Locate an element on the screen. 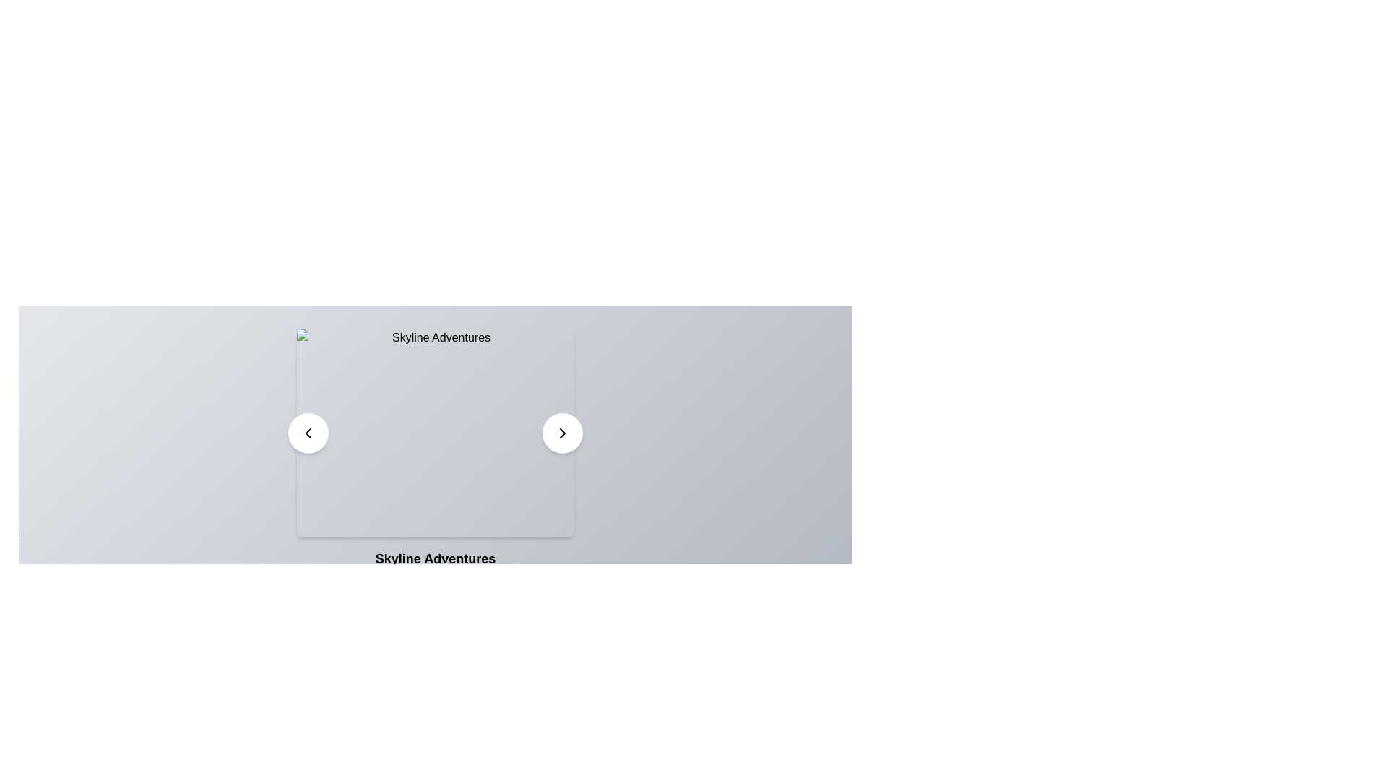  the circular white button with a right-facing chevron icon on the right side of the image display is located at coordinates (561, 433).